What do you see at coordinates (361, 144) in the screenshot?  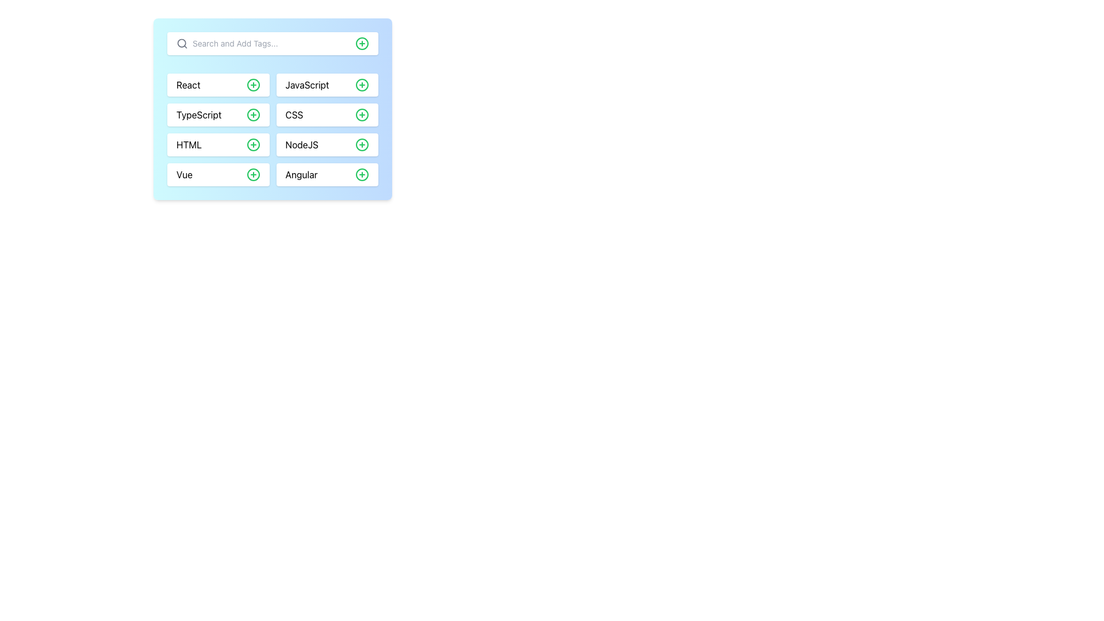 I see `the circular element of the '+' icon located in the third row and second column of the grid, which is associated with adding 'NodeJS' to the list of selected items` at bounding box center [361, 144].